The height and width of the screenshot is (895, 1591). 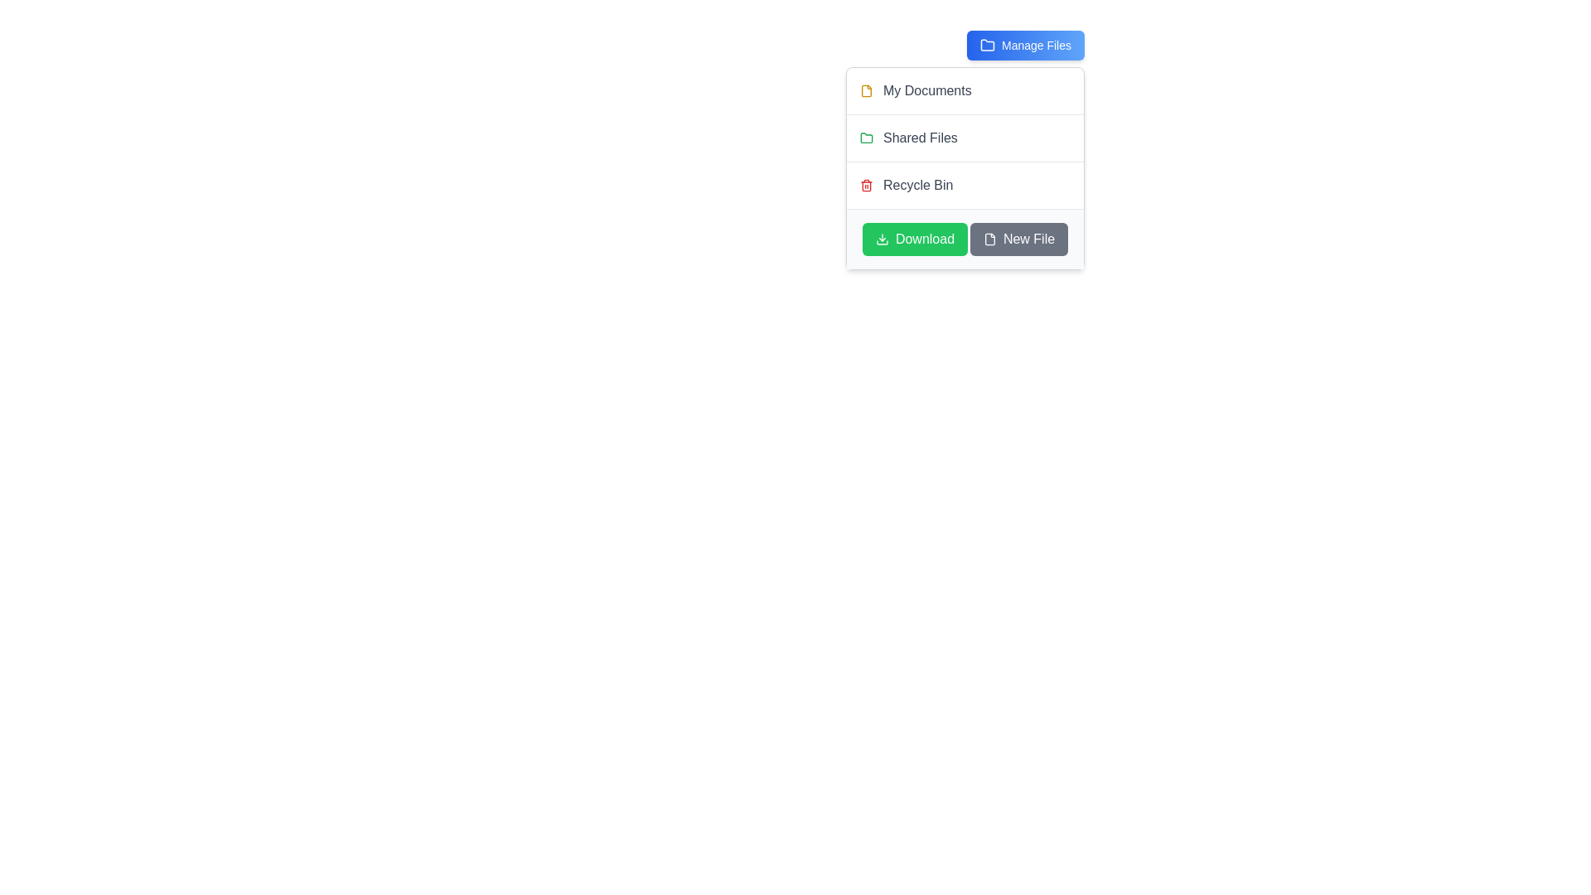 What do you see at coordinates (965, 185) in the screenshot?
I see `the third item in the navigation list with a red trash icon and the text 'Recycle Bin'` at bounding box center [965, 185].